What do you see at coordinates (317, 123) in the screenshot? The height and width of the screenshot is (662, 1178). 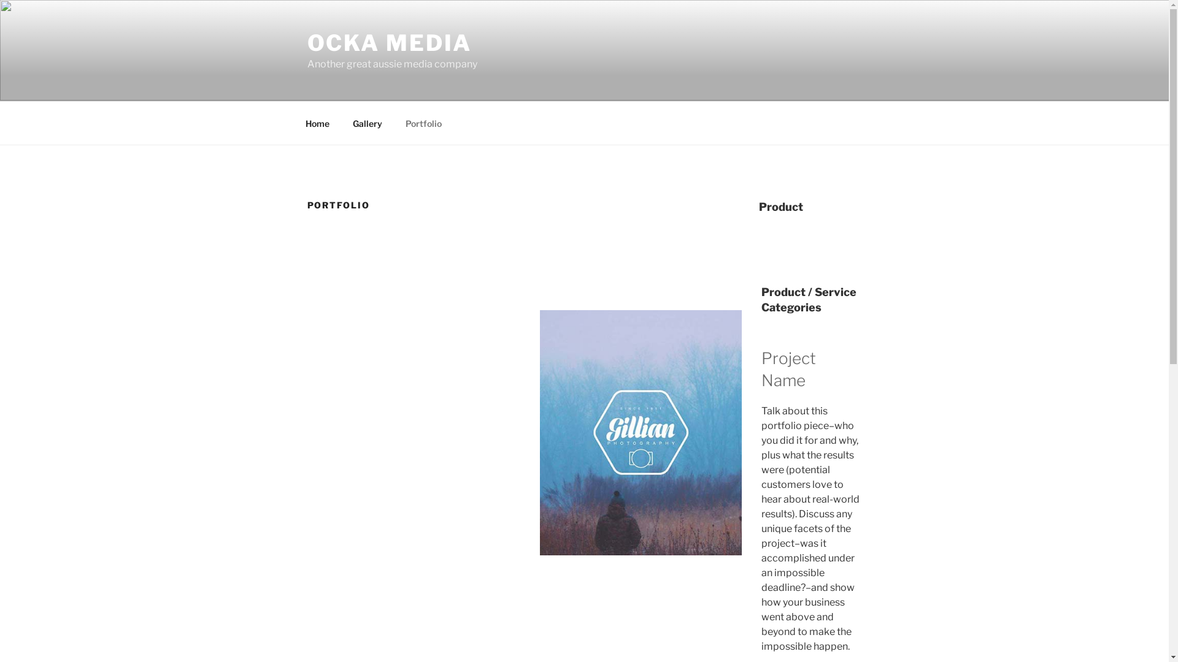 I see `'Home'` at bounding box center [317, 123].